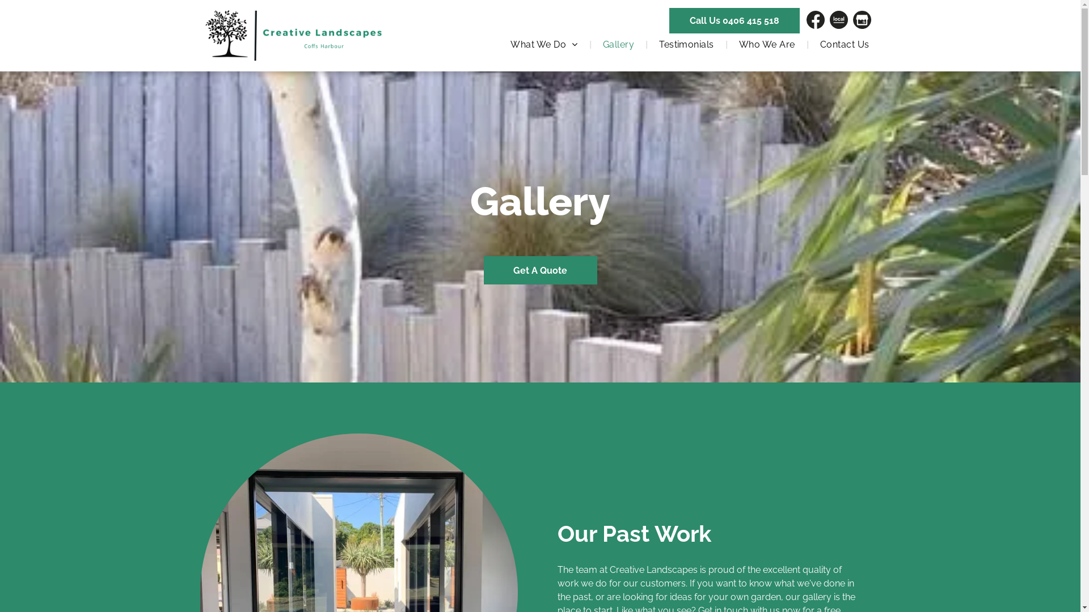 The height and width of the screenshot is (612, 1089). What do you see at coordinates (845, 44) in the screenshot?
I see `'Contact Us'` at bounding box center [845, 44].